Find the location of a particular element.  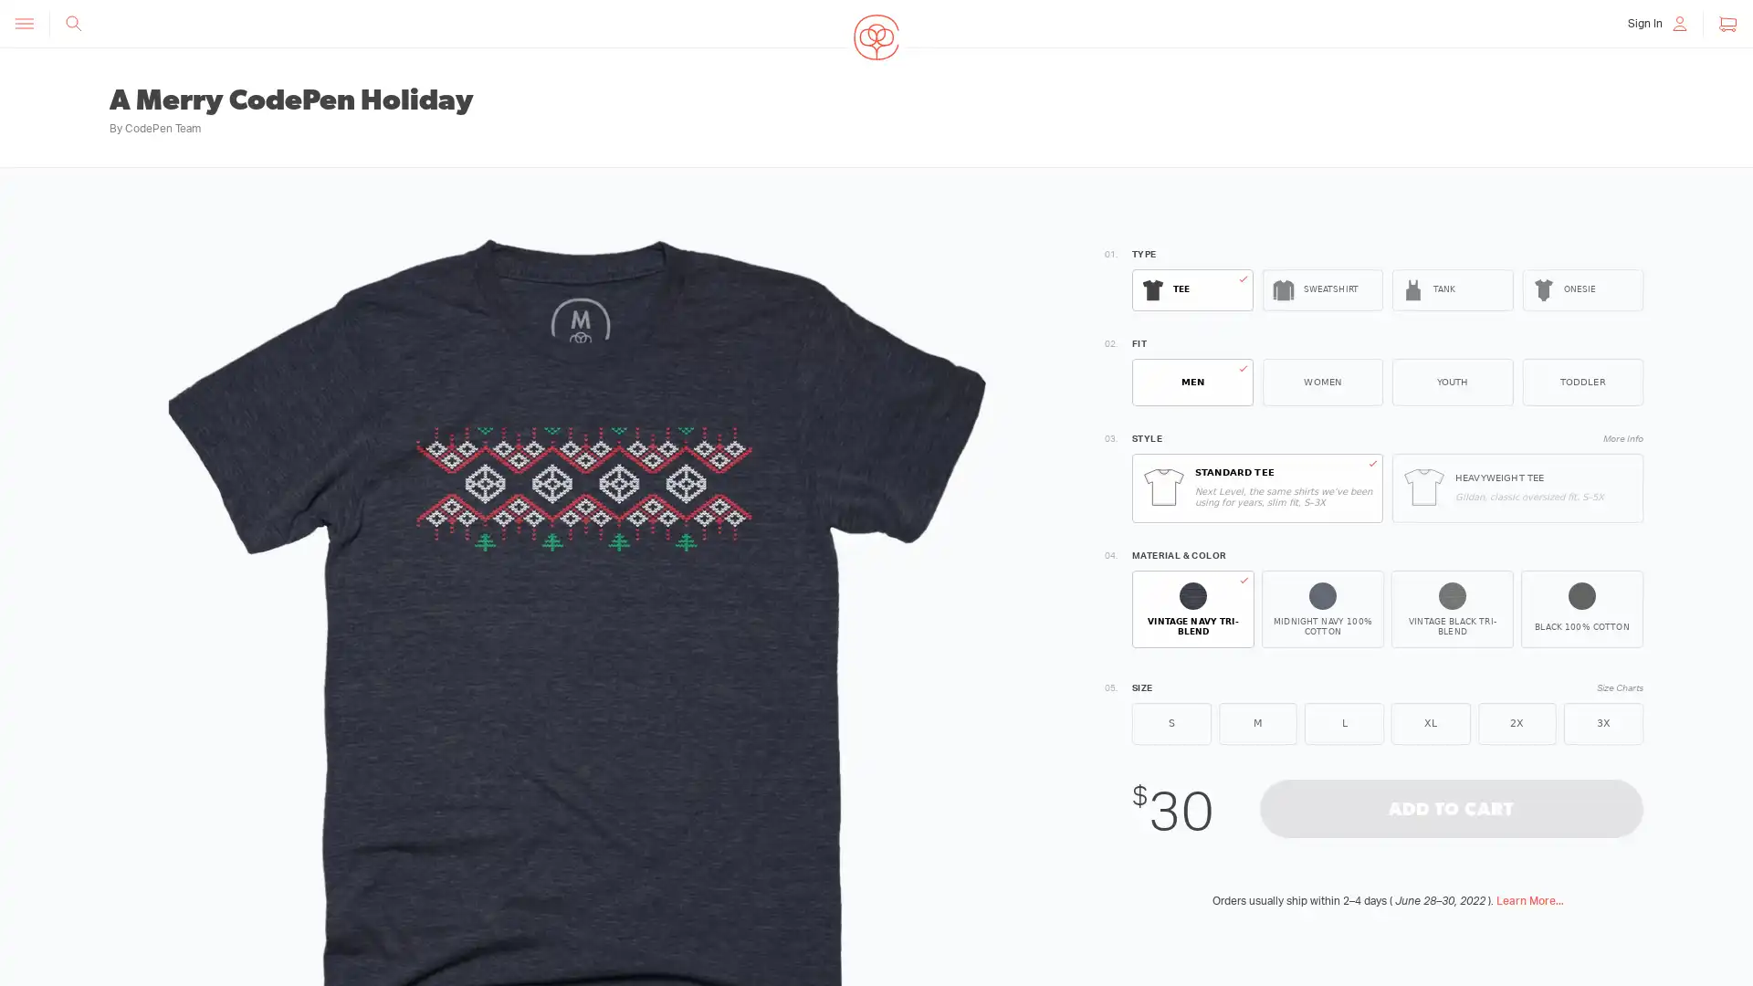

XL is located at coordinates (1429, 721).